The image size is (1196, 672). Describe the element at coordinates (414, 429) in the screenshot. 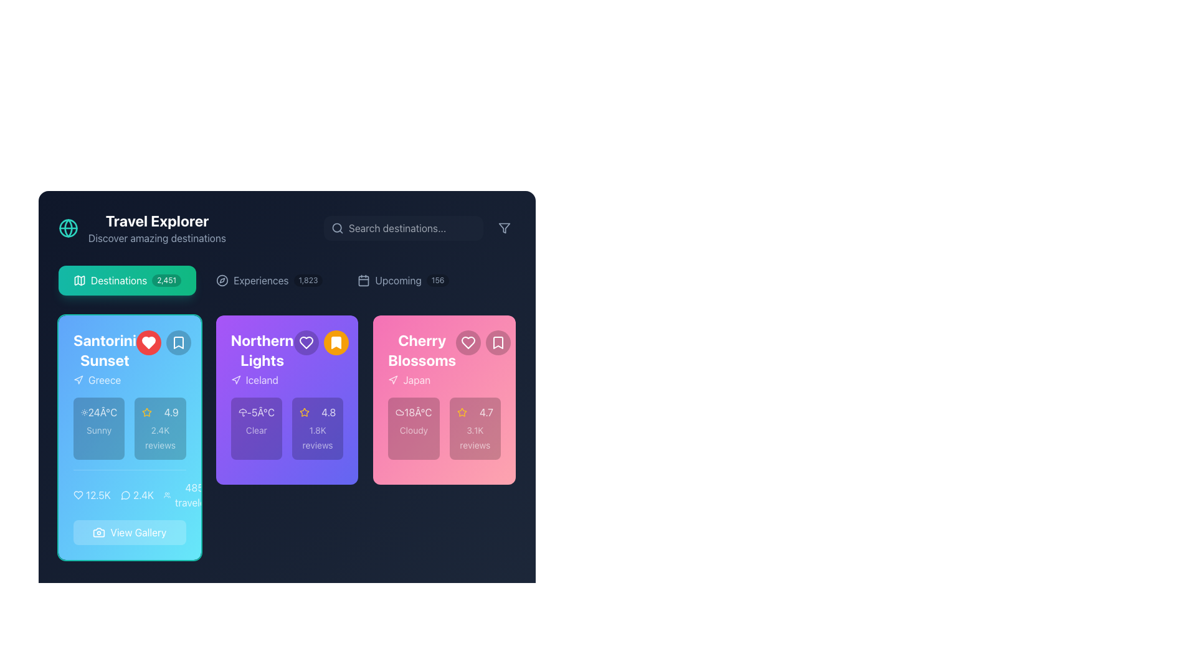

I see `the 'Cloudy' text label located at the bottom-center of the pink 'Cherry Blossoms' card, underneath the '18°C' temperature reading` at that location.